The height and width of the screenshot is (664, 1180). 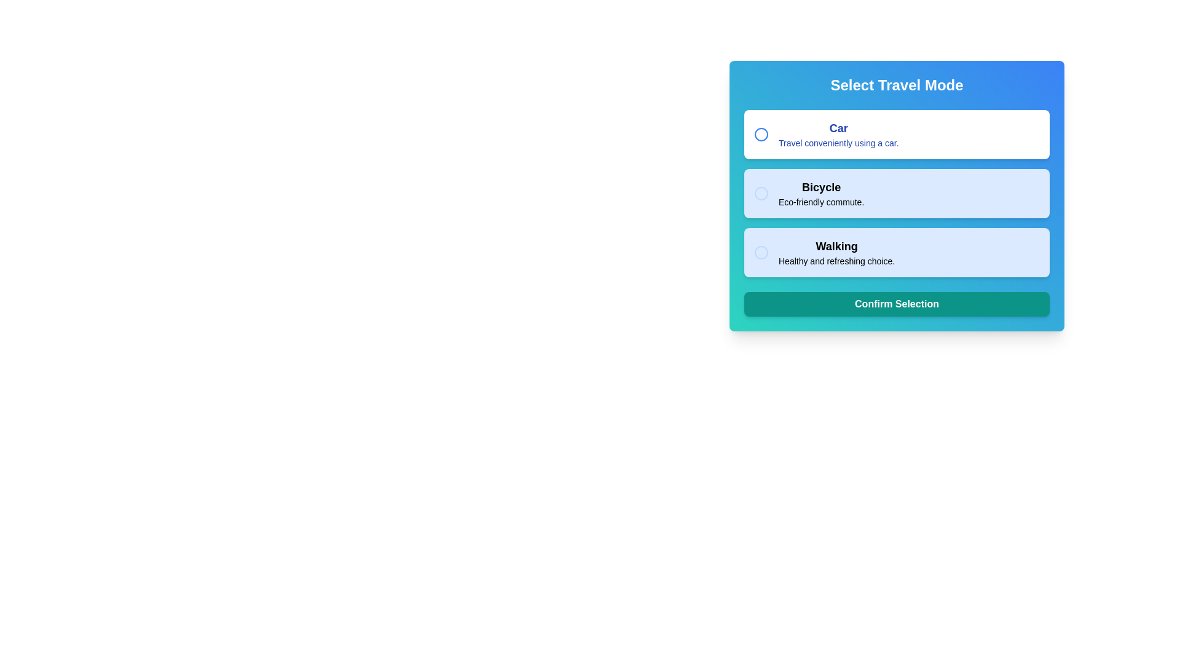 What do you see at coordinates (821, 201) in the screenshot?
I see `the text label displaying 'Eco-friendly commute' positioned below the primary label 'Bicycle' in the travel modes section` at bounding box center [821, 201].